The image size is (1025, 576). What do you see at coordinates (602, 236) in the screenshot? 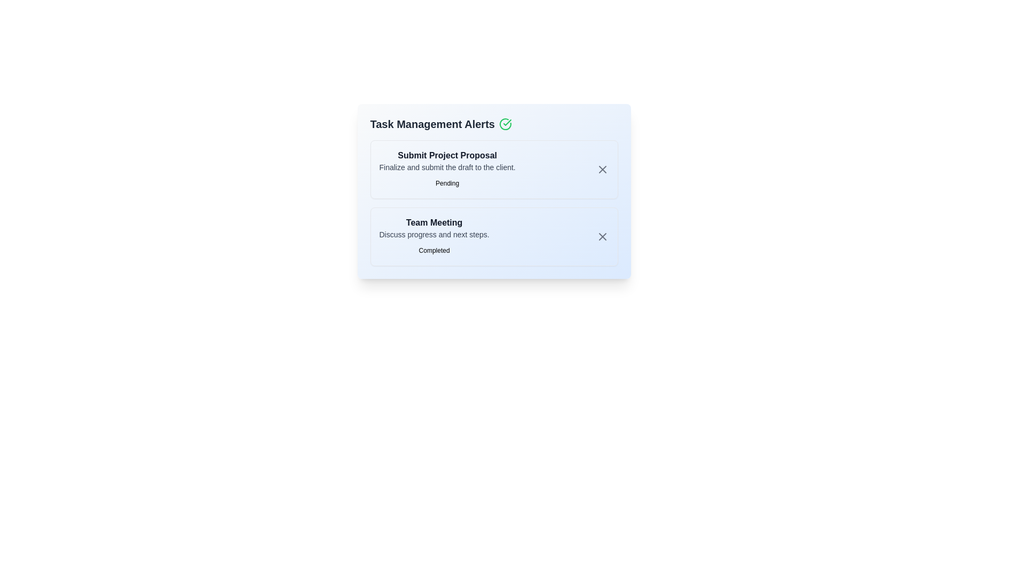
I see `'X' button next to the task titled 'Team Meeting' to dismiss it` at bounding box center [602, 236].